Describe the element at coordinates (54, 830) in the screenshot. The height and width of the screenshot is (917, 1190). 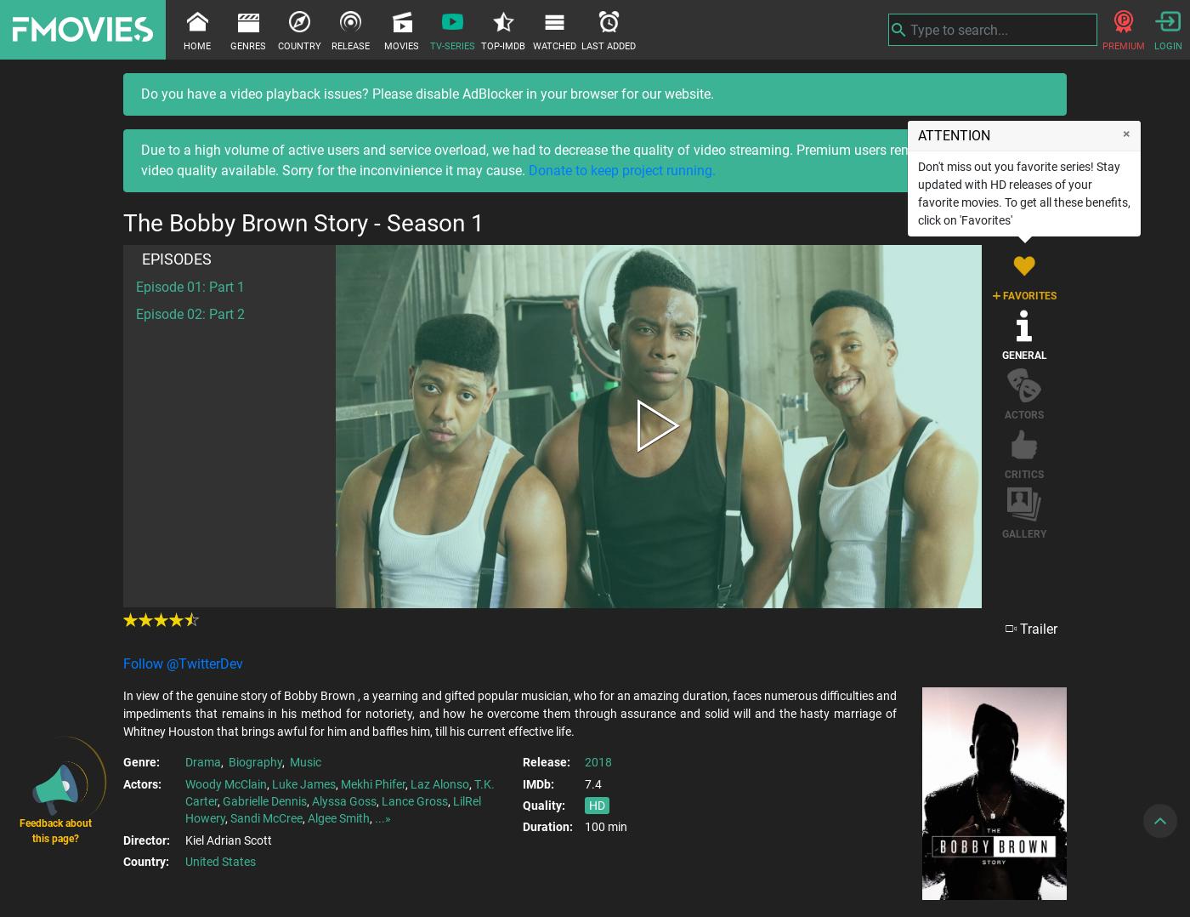
I see `'Feedback about this page?'` at that location.